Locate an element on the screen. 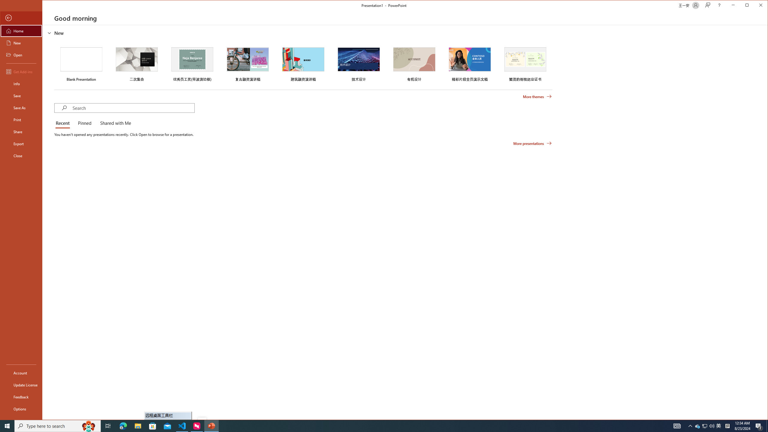 This screenshot has height=432, width=768. 'Save As' is located at coordinates (21, 107).